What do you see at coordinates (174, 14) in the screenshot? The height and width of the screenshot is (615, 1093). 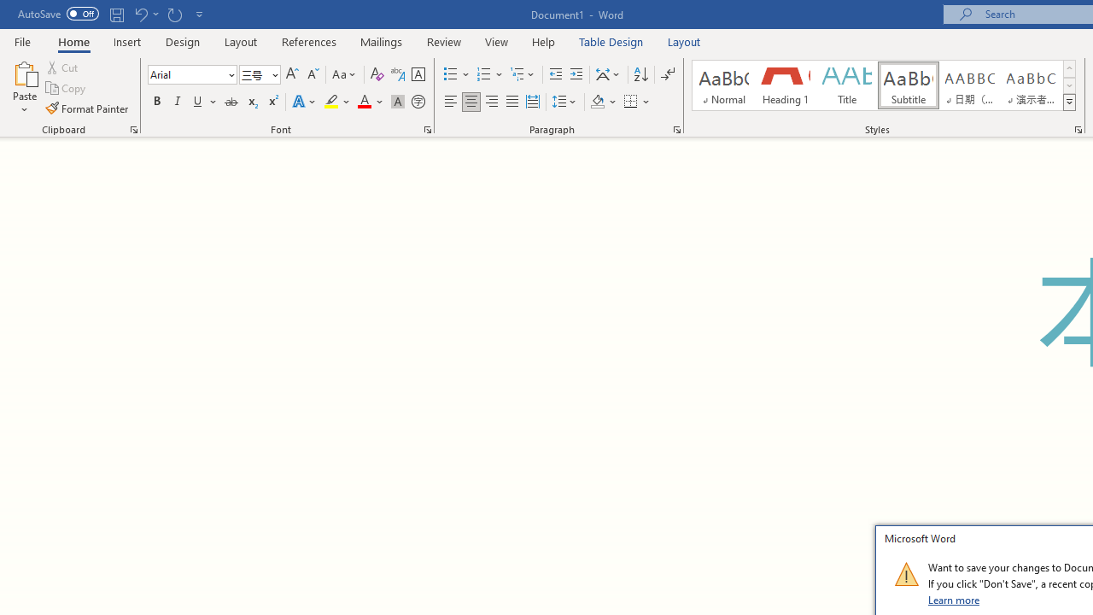 I see `'Repeat Doc Close'` at bounding box center [174, 14].